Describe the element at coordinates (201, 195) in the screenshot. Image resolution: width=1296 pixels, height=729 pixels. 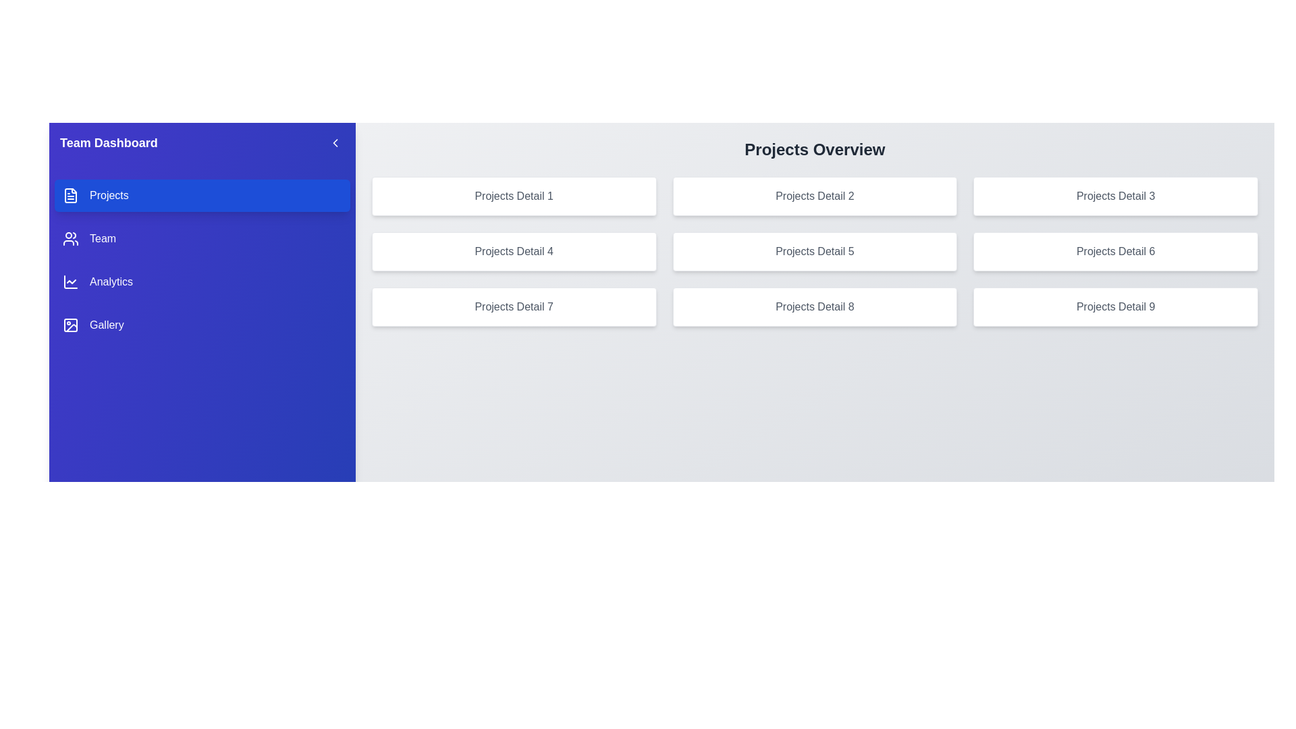
I see `the category Projects from the sidebar menu` at that location.